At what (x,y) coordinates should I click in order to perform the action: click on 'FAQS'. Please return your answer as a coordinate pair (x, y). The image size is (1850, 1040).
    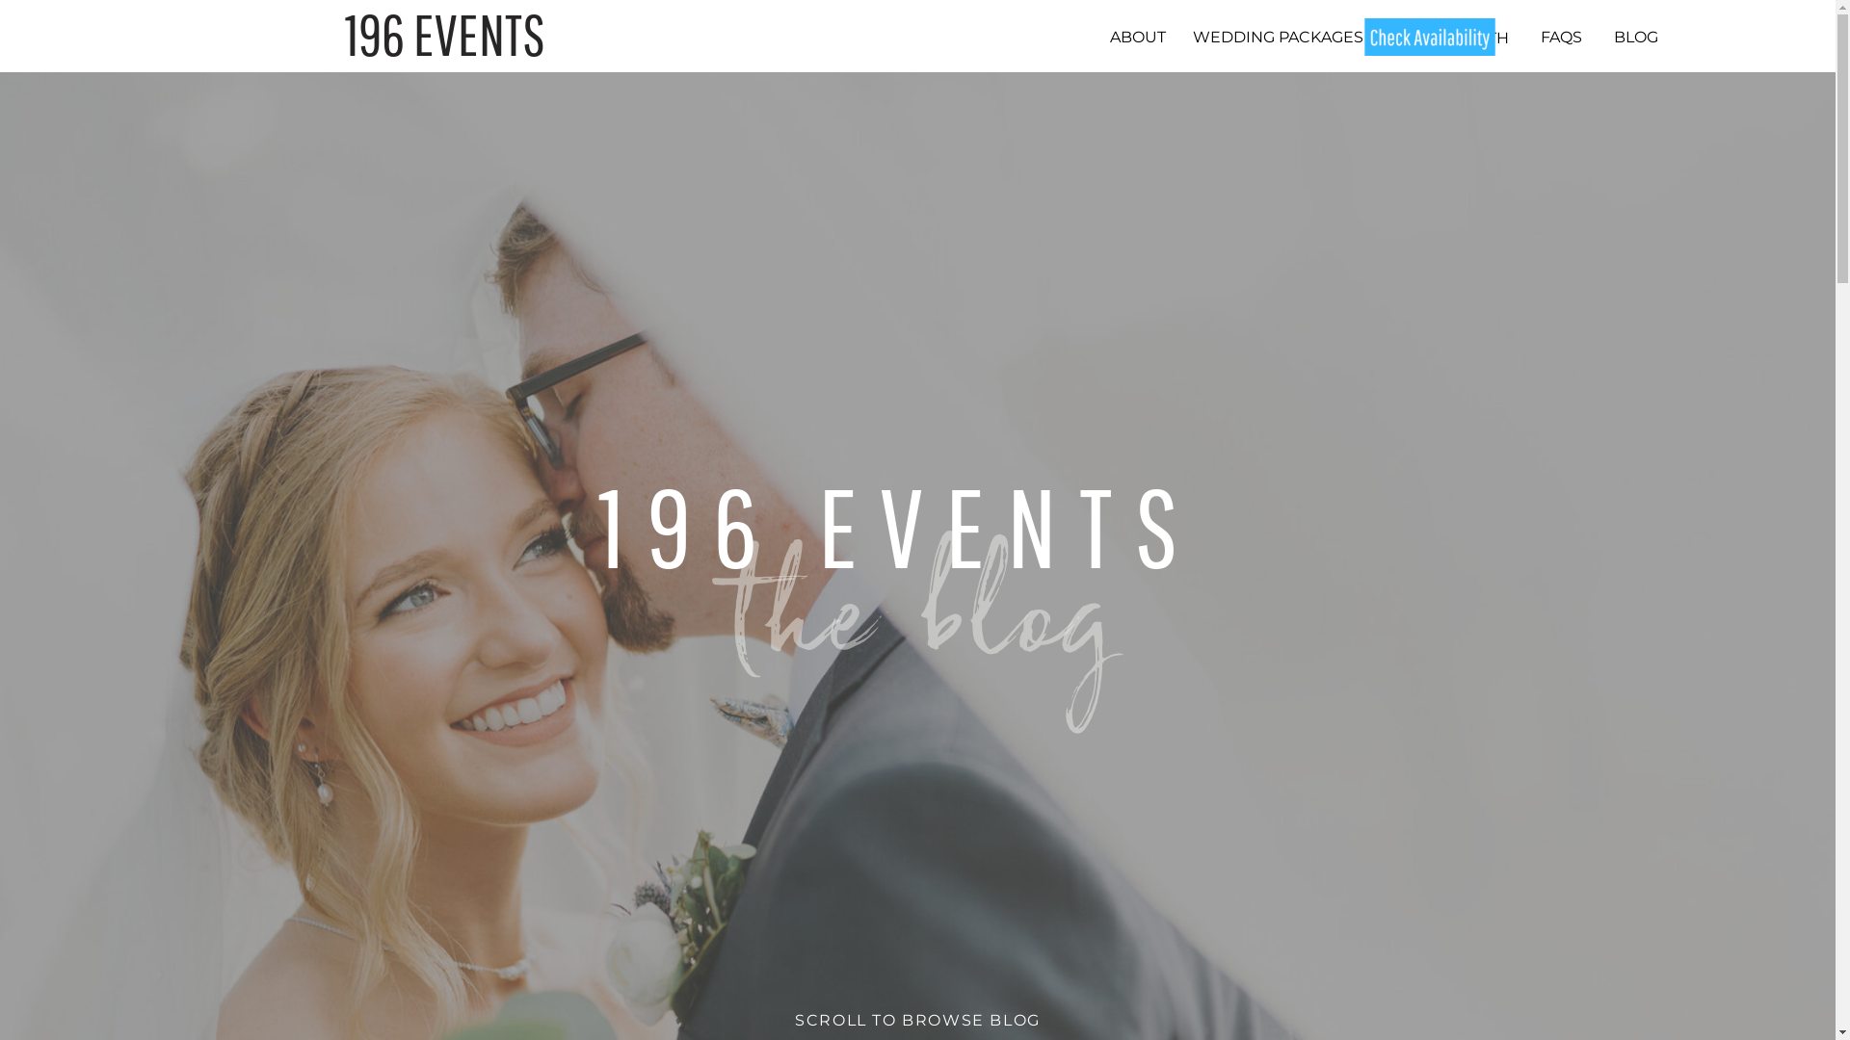
    Looking at the image, I should click on (1533, 37).